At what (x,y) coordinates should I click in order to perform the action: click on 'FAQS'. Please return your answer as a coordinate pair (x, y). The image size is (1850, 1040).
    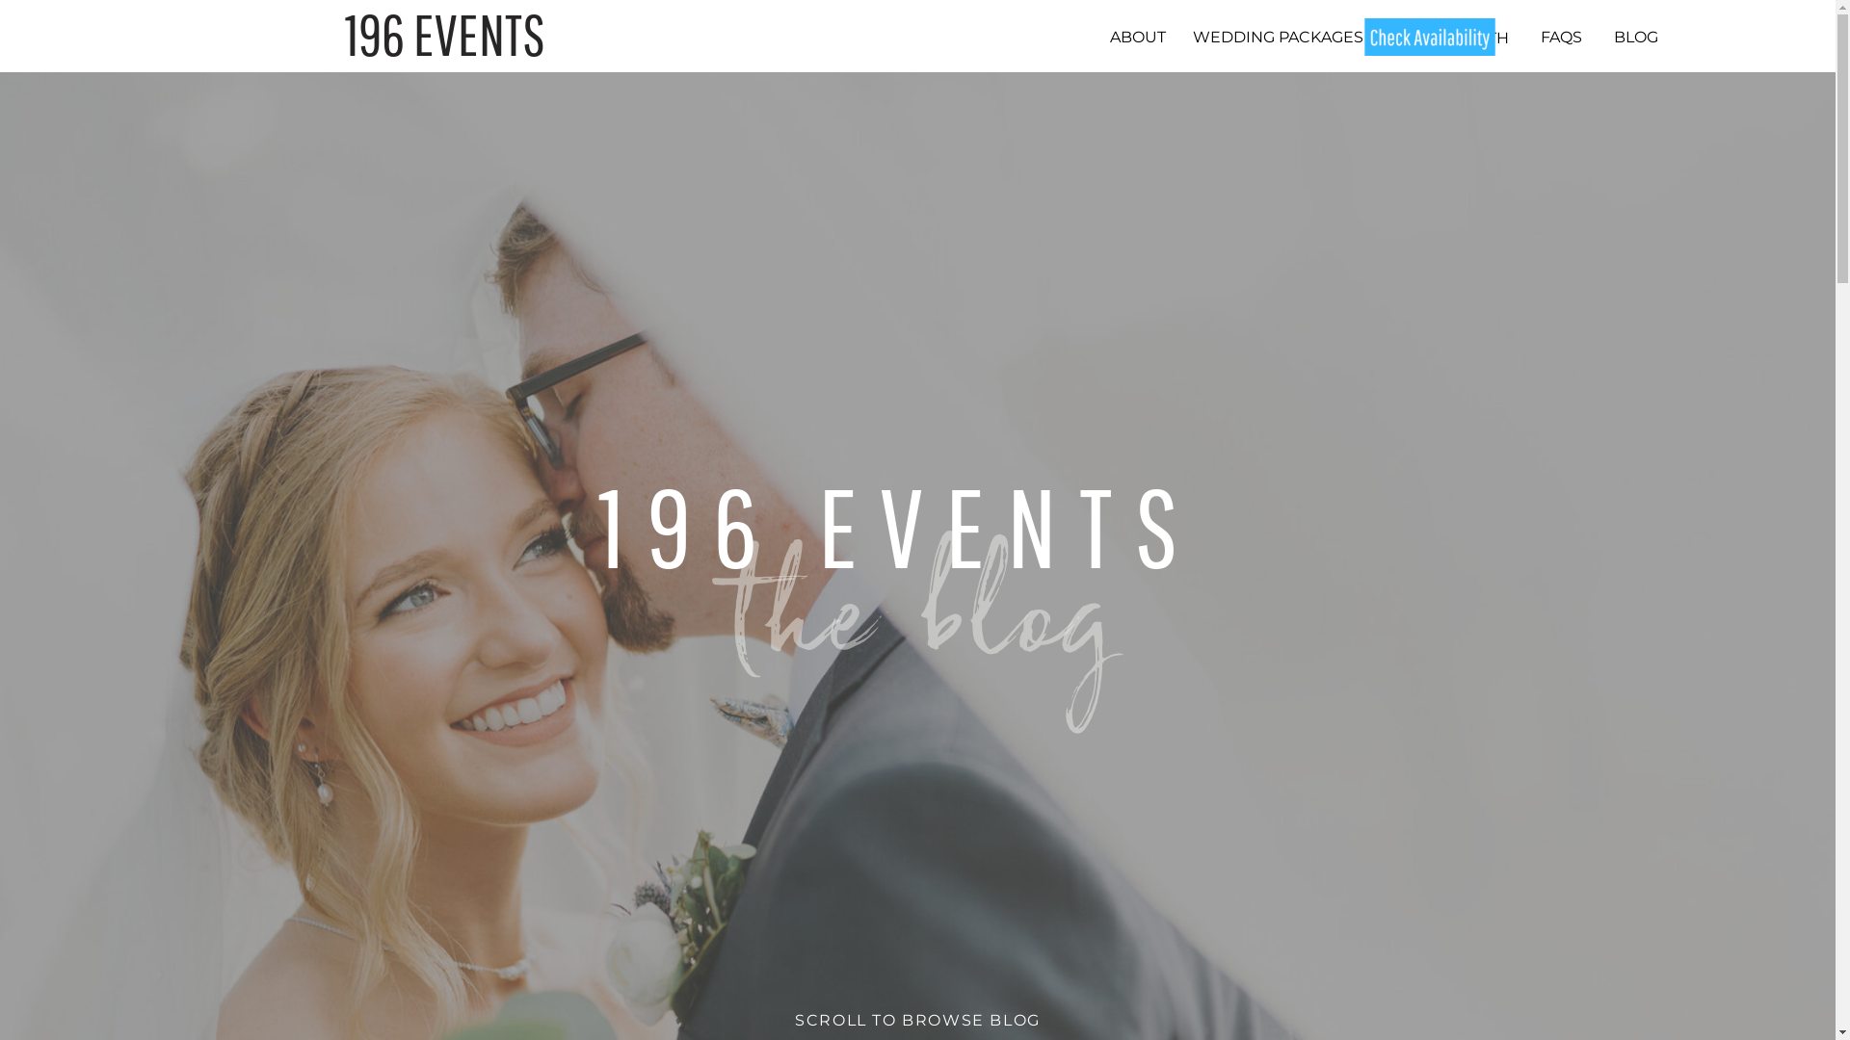
    Looking at the image, I should click on (1533, 37).